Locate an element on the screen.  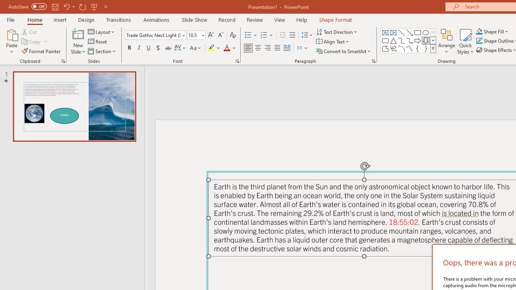
'Rectangle' is located at coordinates (418, 32).